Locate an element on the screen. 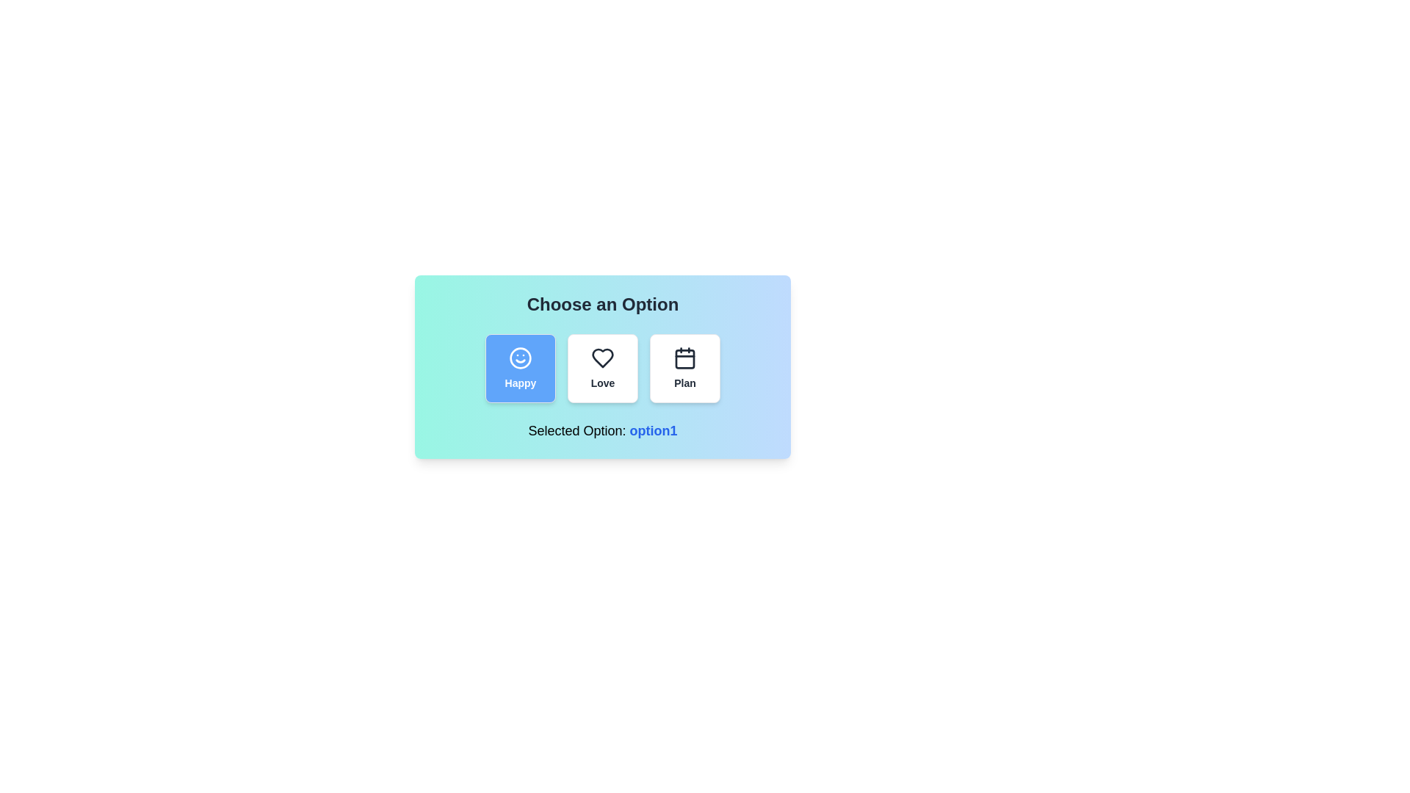 The width and height of the screenshot is (1410, 793). the Decorative Circle Graphic that is part of the 'Happy' option in a row of three options labeled 'Happy,' 'Love,' and 'Plan.' is located at coordinates (521, 358).